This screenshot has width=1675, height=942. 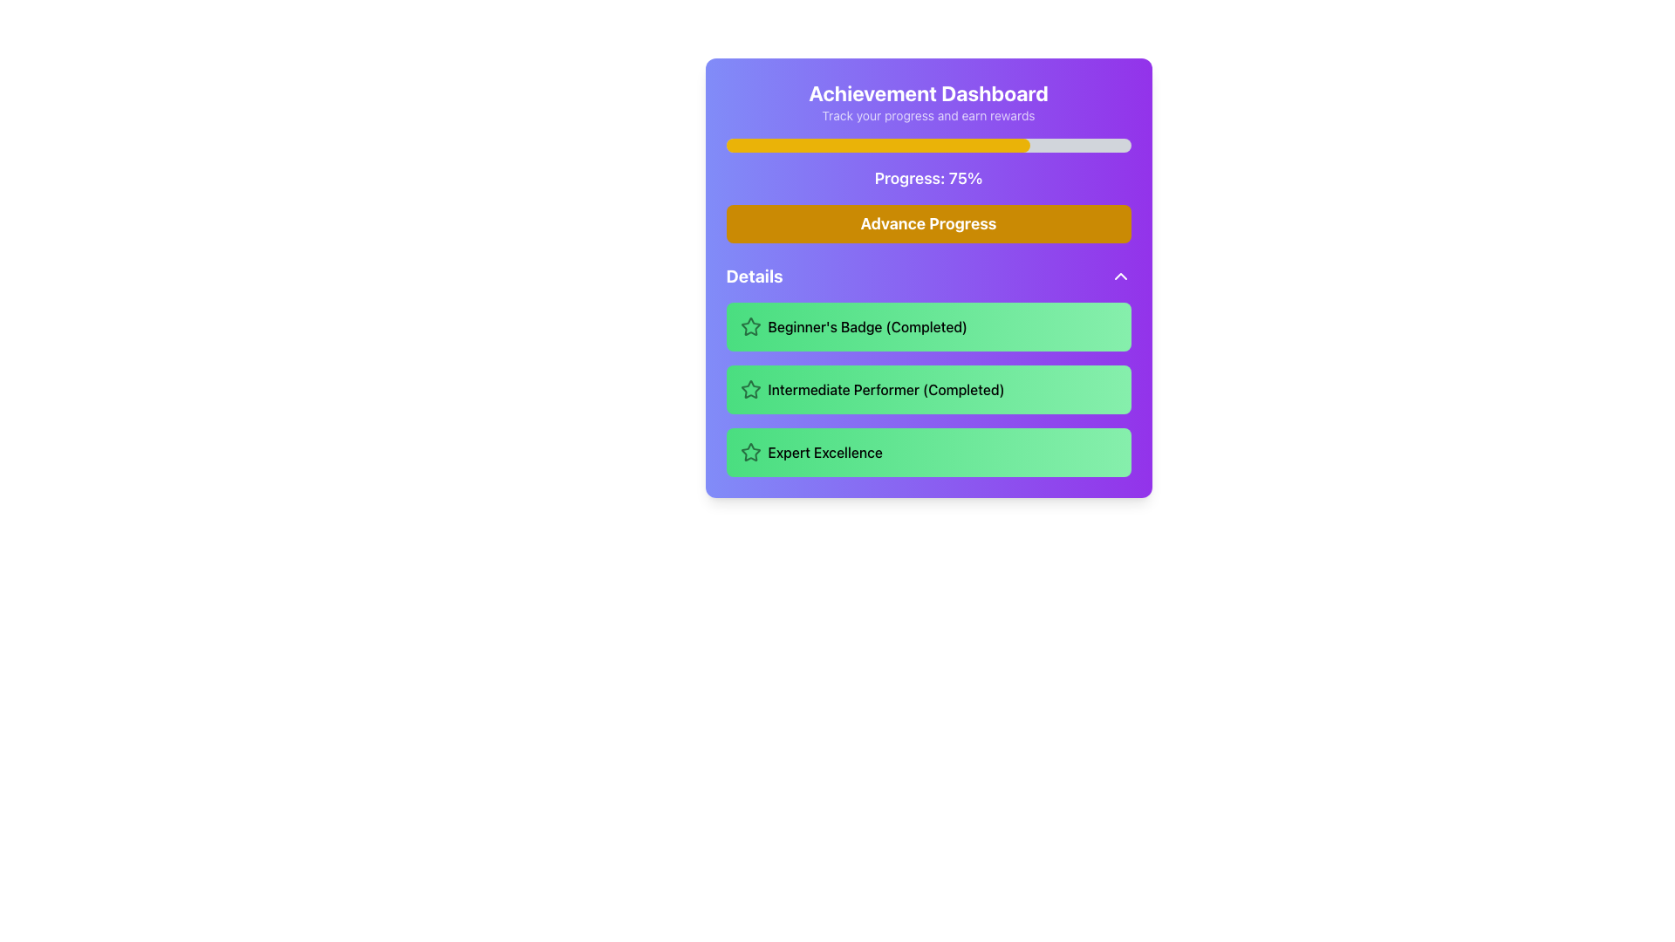 I want to click on the button situated beneath the 'Progress: 75%' bar and above the 'Details' section in the 'Achievement Dashboard', so click(x=927, y=223).